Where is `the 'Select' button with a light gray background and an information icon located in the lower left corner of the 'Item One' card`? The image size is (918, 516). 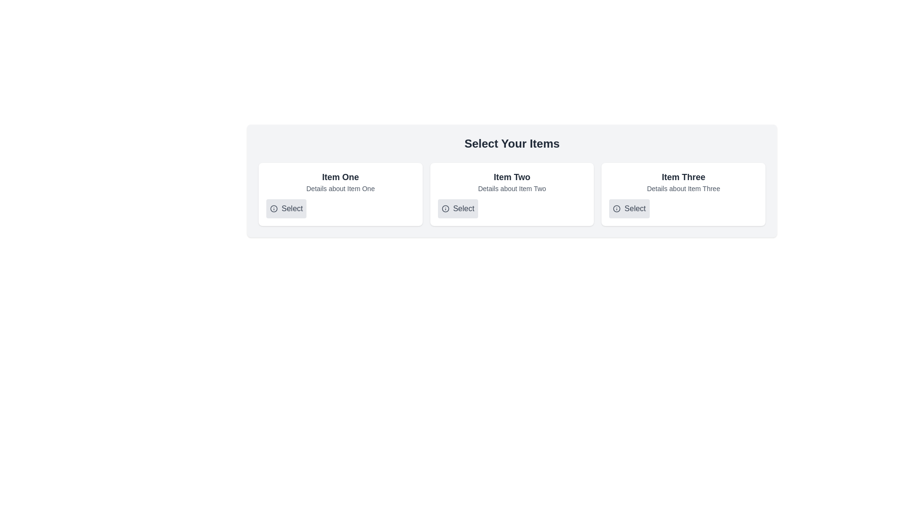
the 'Select' button with a light gray background and an information icon located in the lower left corner of the 'Item One' card is located at coordinates (286, 208).